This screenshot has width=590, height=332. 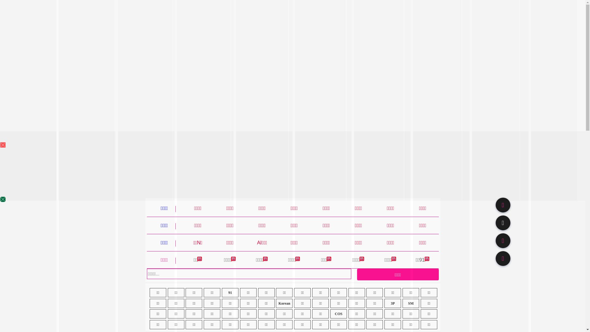 What do you see at coordinates (338, 314) in the screenshot?
I see `'COS'` at bounding box center [338, 314].